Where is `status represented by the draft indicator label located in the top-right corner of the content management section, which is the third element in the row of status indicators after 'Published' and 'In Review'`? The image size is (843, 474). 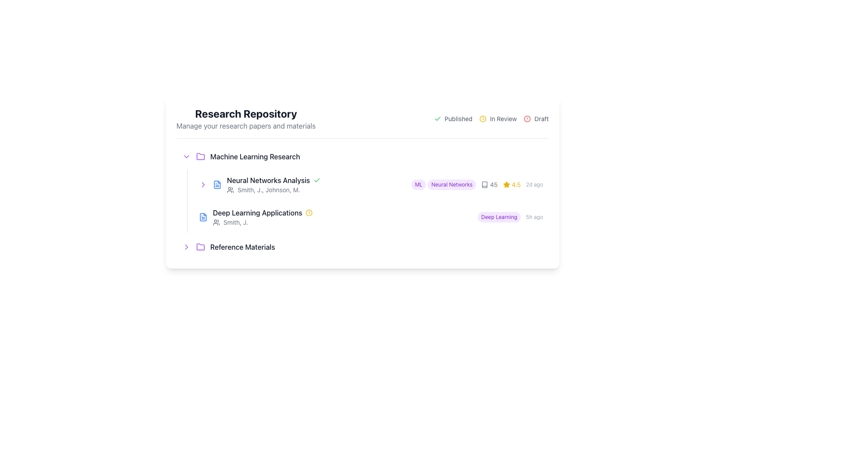
status represented by the draft indicator label located in the top-right corner of the content management section, which is the third element in the row of status indicators after 'Published' and 'In Review' is located at coordinates (536, 118).